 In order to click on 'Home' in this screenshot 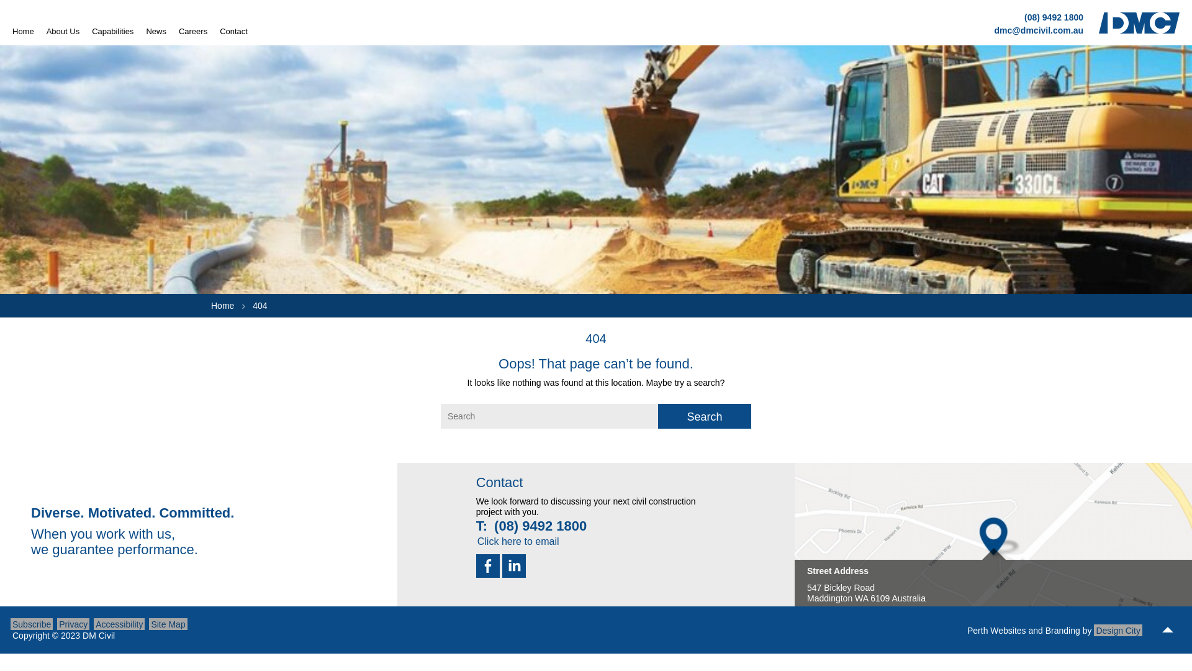, I will do `click(12, 30)`.